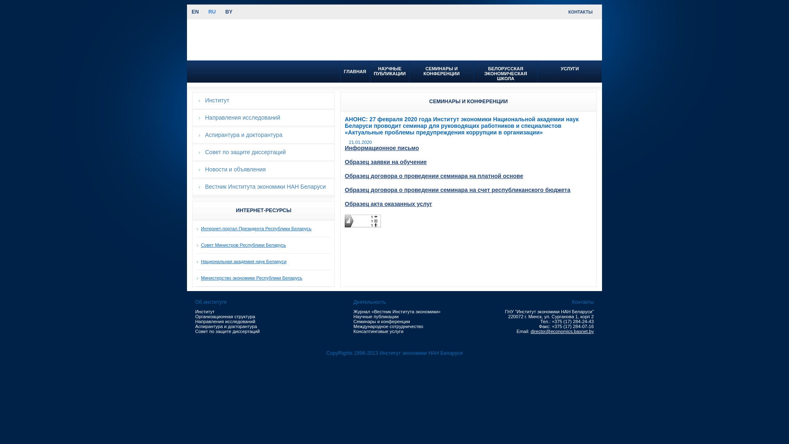  Describe the element at coordinates (562, 331) in the screenshot. I see `'director@economics.basnet.by'` at that location.